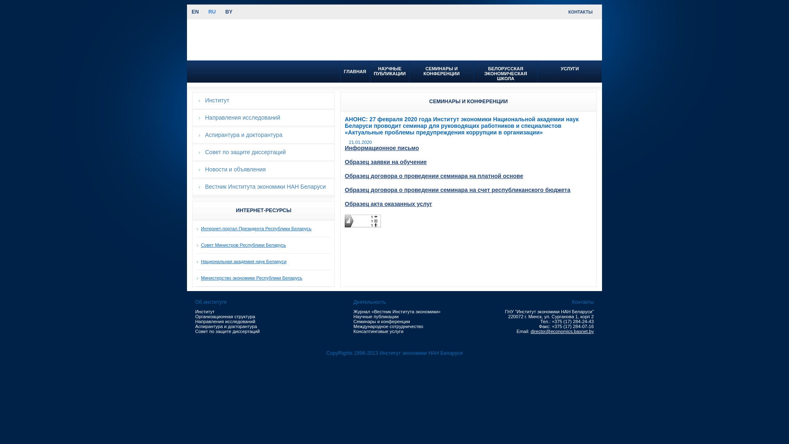  Describe the element at coordinates (562, 331) in the screenshot. I see `'director@economics.basnet.by'` at that location.